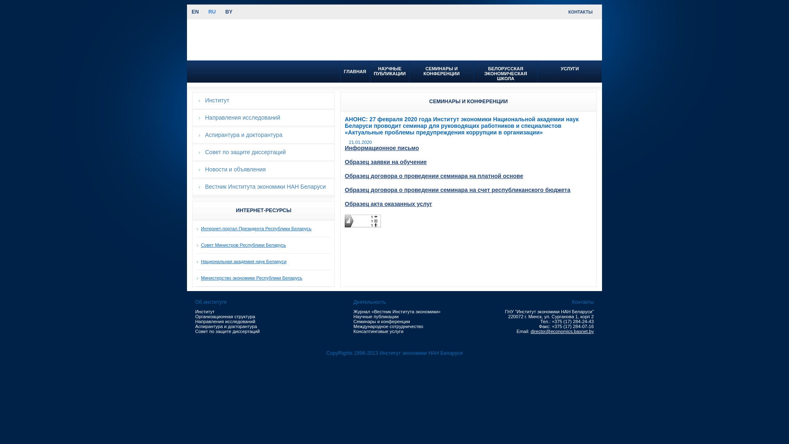  Describe the element at coordinates (562, 331) in the screenshot. I see `'director@economics.basnet.by'` at that location.